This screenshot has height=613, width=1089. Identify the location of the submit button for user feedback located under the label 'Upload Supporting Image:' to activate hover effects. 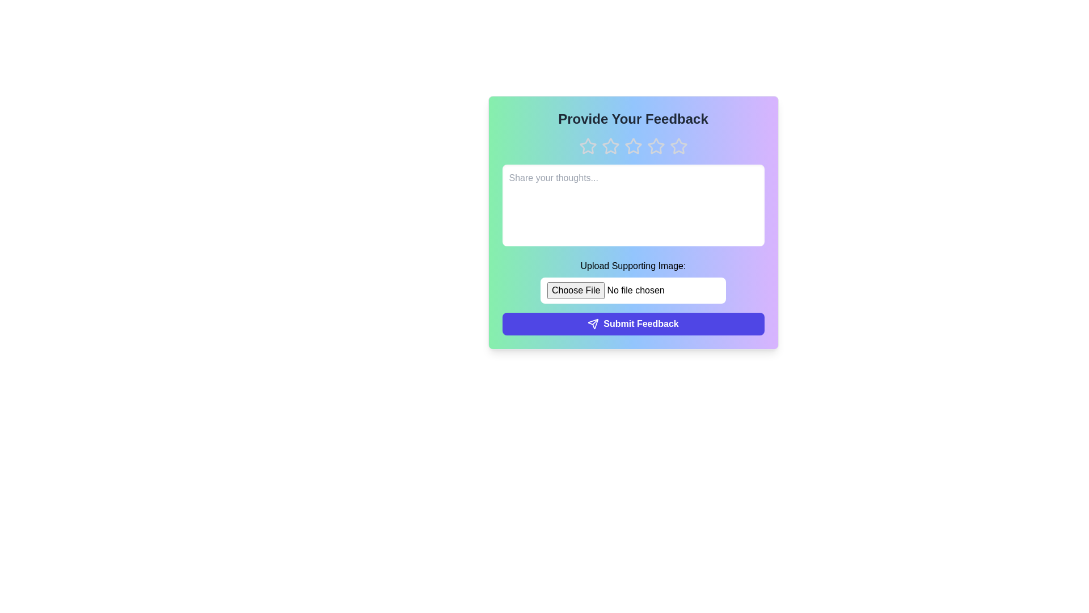
(632, 324).